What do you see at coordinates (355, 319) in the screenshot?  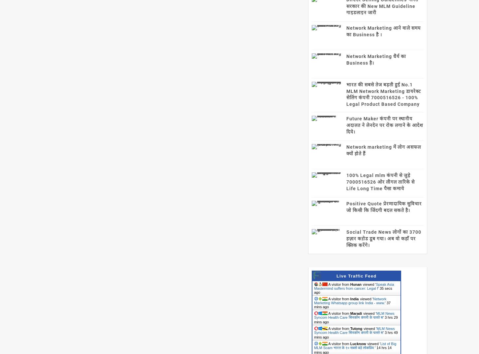 I see `'3 hrs 29 mins ago'` at bounding box center [355, 319].